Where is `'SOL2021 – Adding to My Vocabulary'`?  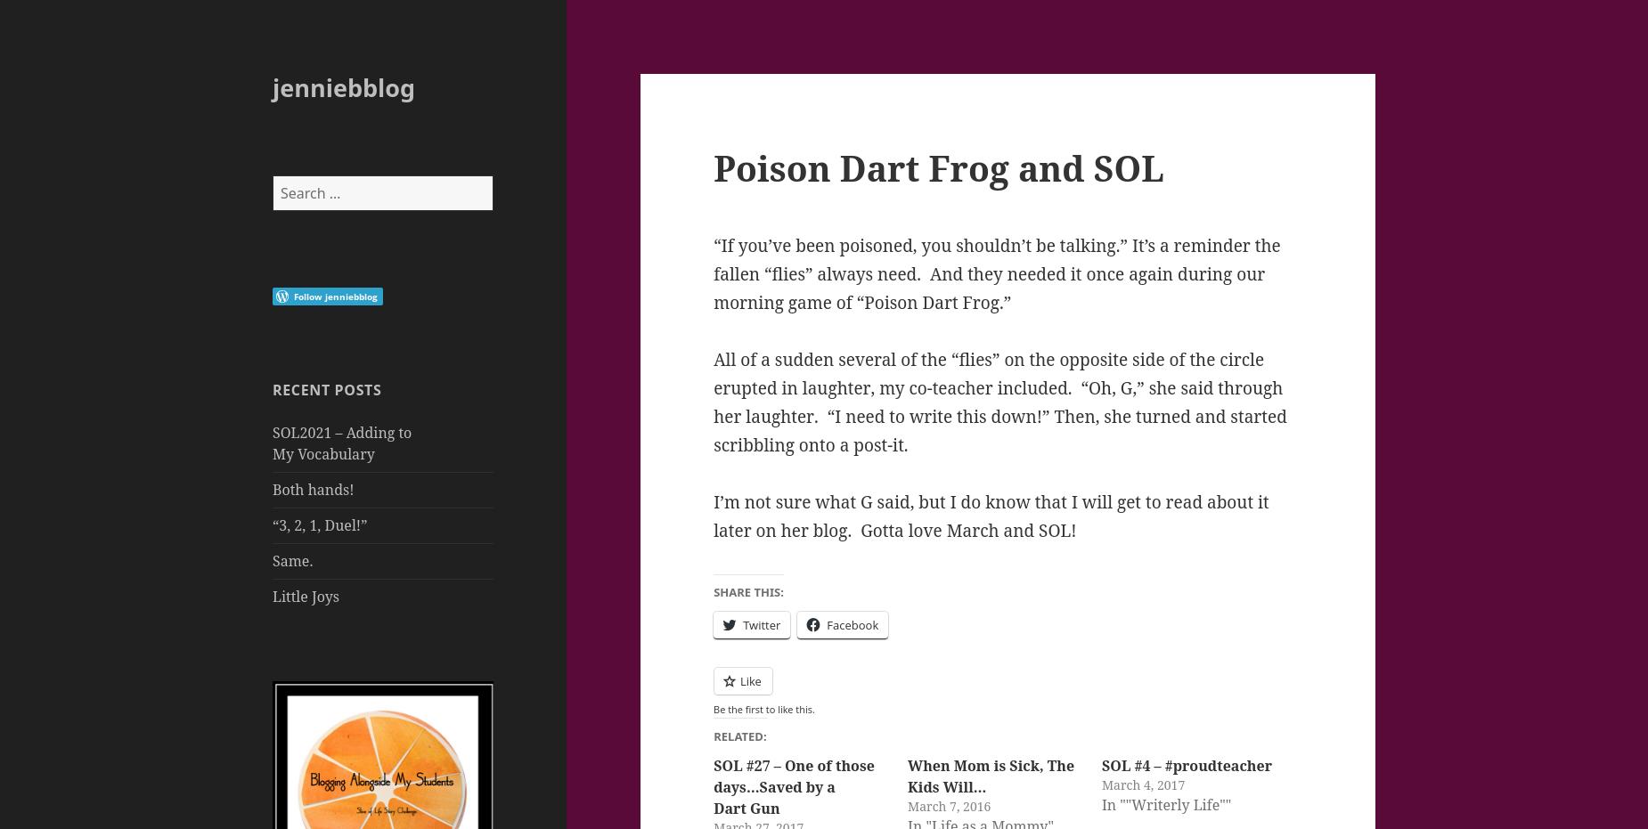
'SOL2021 – Adding to My Vocabulary' is located at coordinates (341, 443).